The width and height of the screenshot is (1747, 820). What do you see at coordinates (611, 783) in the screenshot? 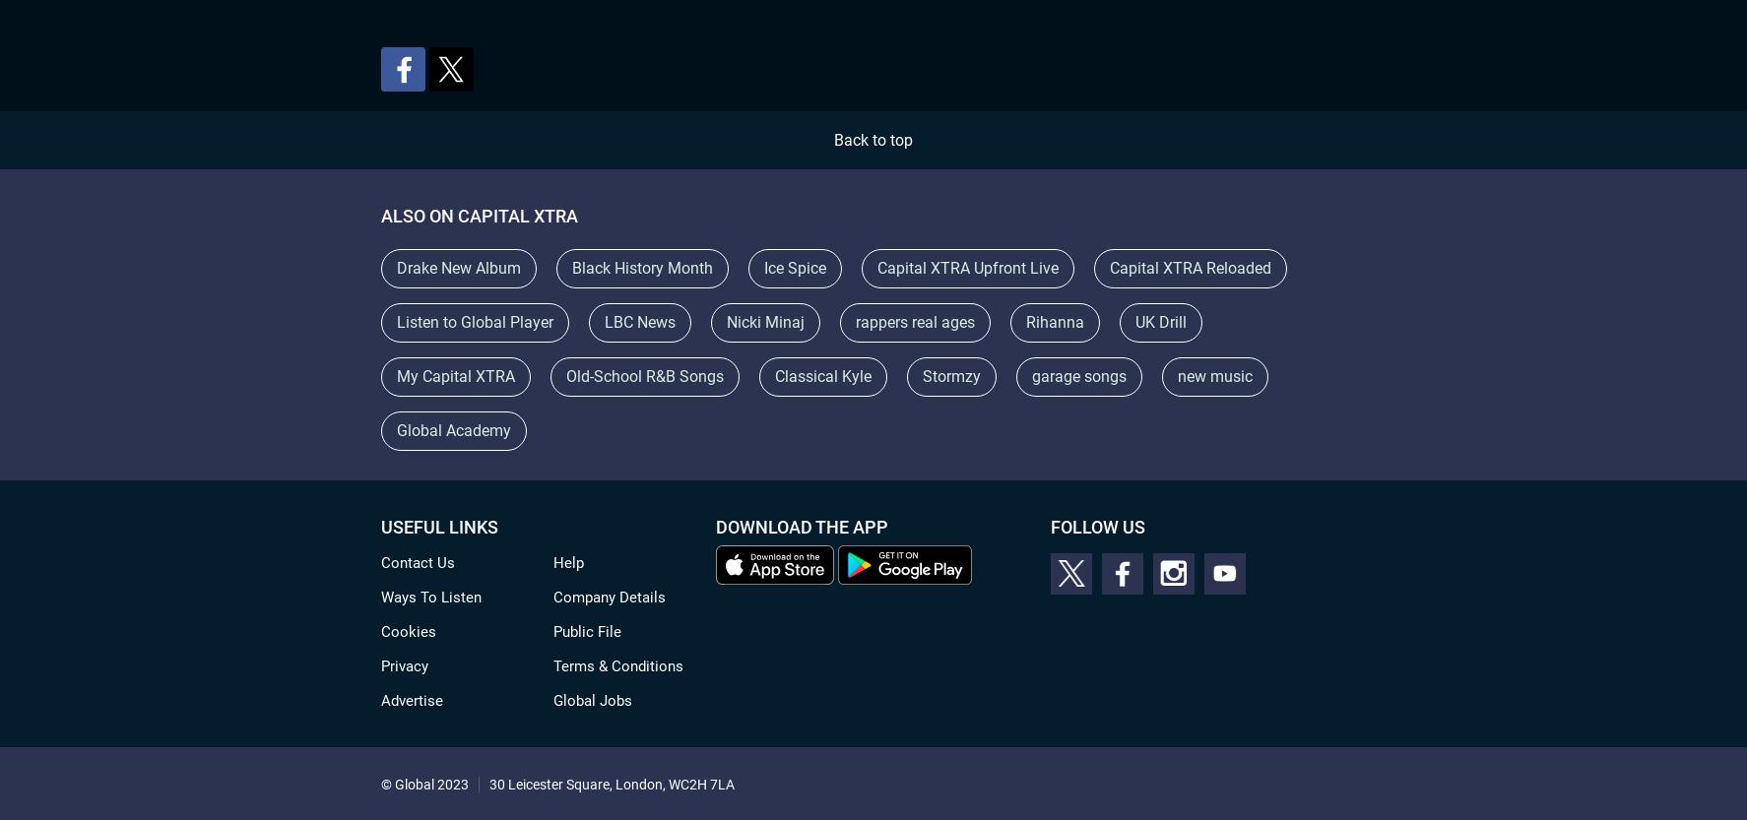
I see `'30 Leicester Square, London, WC2H 7LA'` at bounding box center [611, 783].